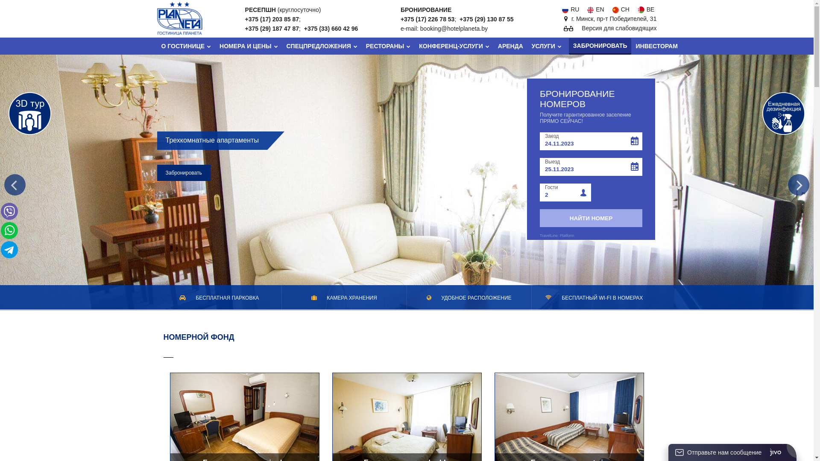  What do you see at coordinates (594, 9) in the screenshot?
I see `'EN'` at bounding box center [594, 9].